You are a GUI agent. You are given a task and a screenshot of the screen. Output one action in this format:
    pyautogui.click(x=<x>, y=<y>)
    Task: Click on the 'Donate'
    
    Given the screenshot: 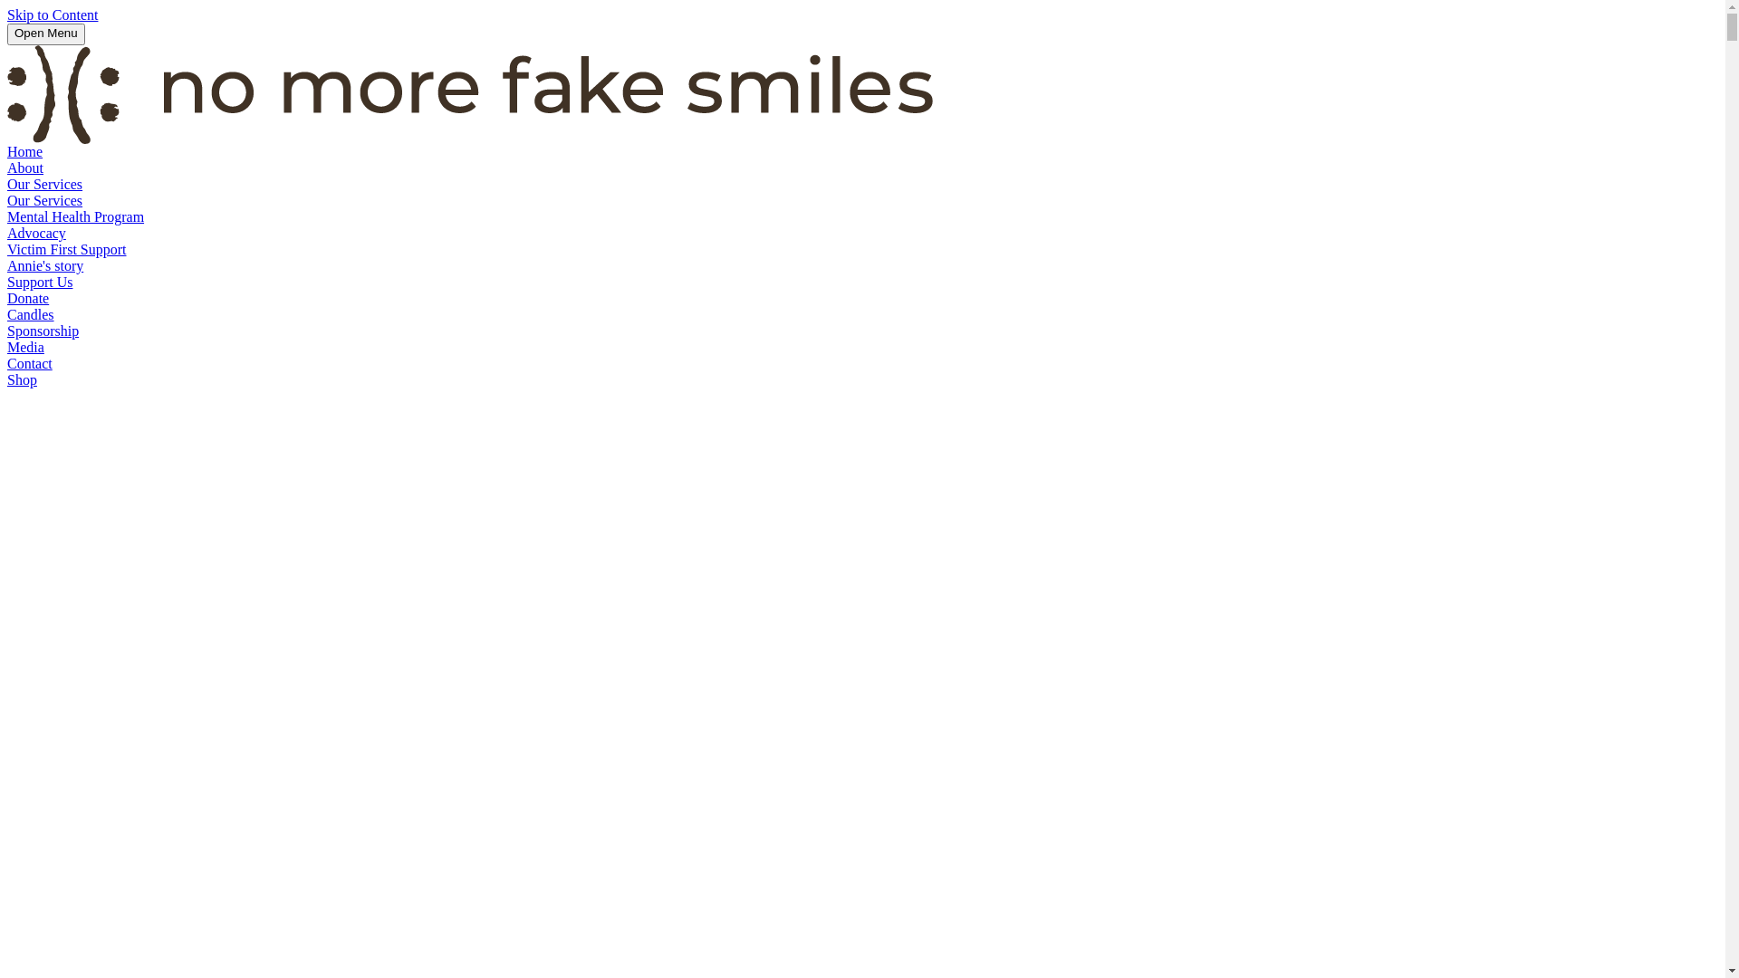 What is the action you would take?
    pyautogui.click(x=7, y=297)
    